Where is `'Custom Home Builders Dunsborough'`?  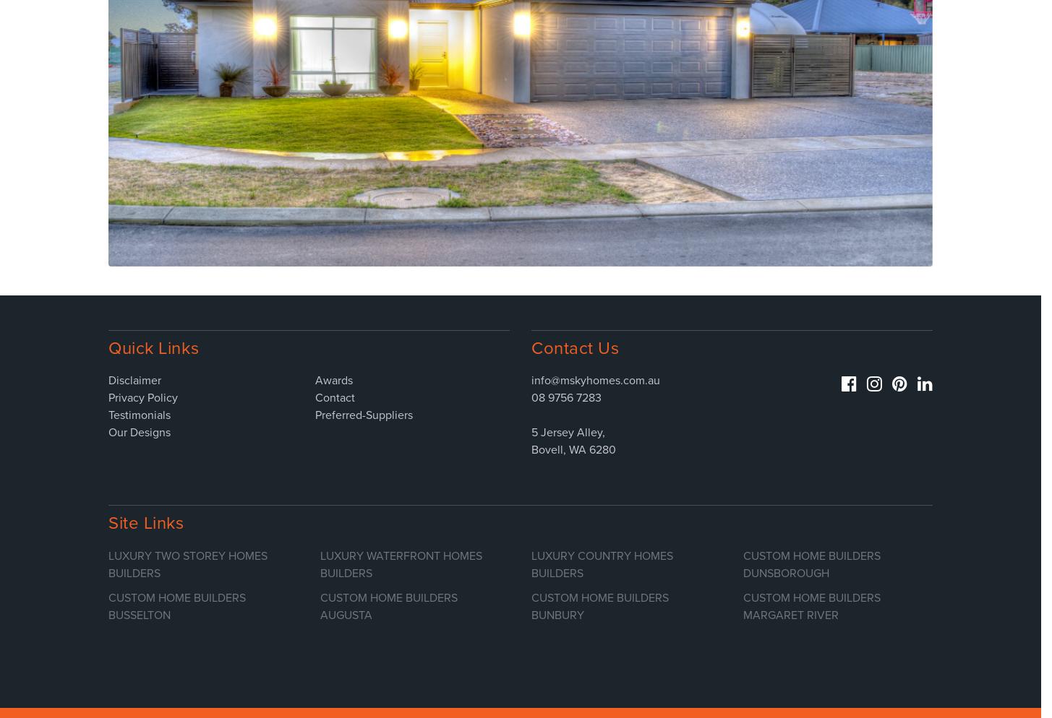 'Custom Home Builders Dunsborough' is located at coordinates (741, 563).